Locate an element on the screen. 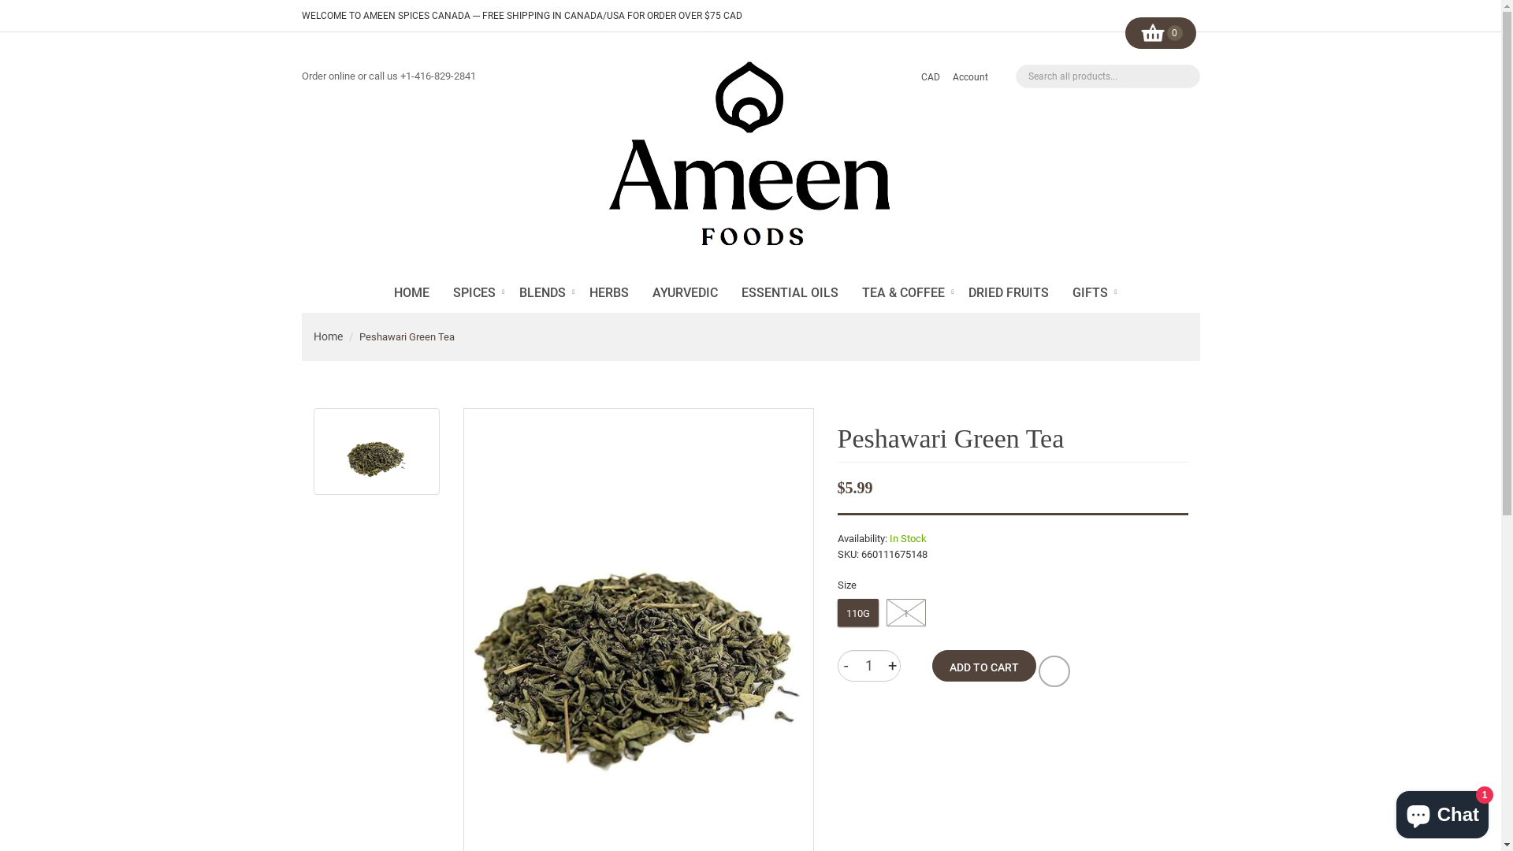 The height and width of the screenshot is (851, 1513). 'SPICES' is located at coordinates (473, 292).